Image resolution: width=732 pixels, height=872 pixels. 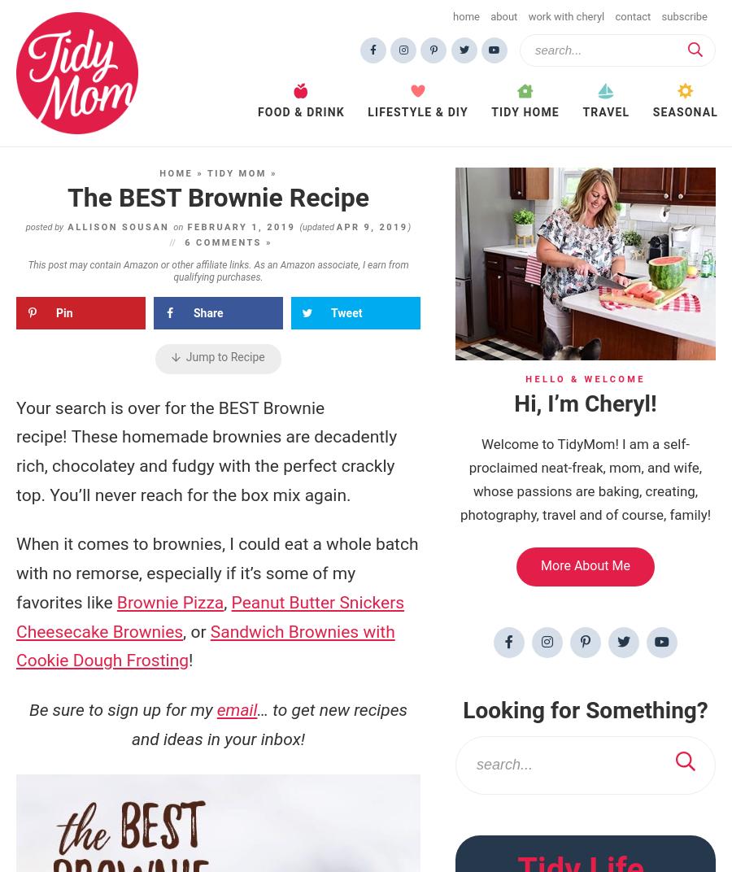 What do you see at coordinates (466, 15) in the screenshot?
I see `'Home'` at bounding box center [466, 15].